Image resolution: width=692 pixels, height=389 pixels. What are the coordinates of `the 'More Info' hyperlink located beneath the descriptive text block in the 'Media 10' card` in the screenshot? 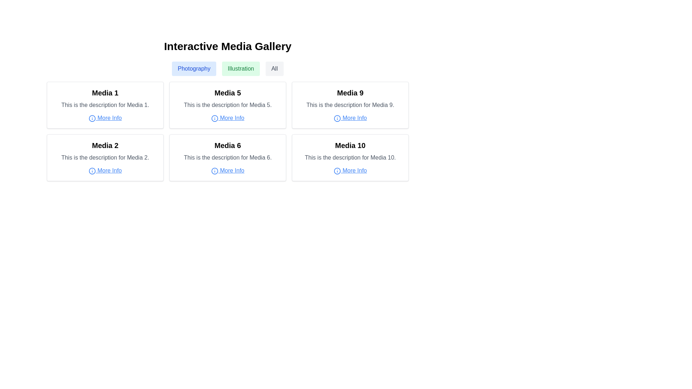 It's located at (350, 171).